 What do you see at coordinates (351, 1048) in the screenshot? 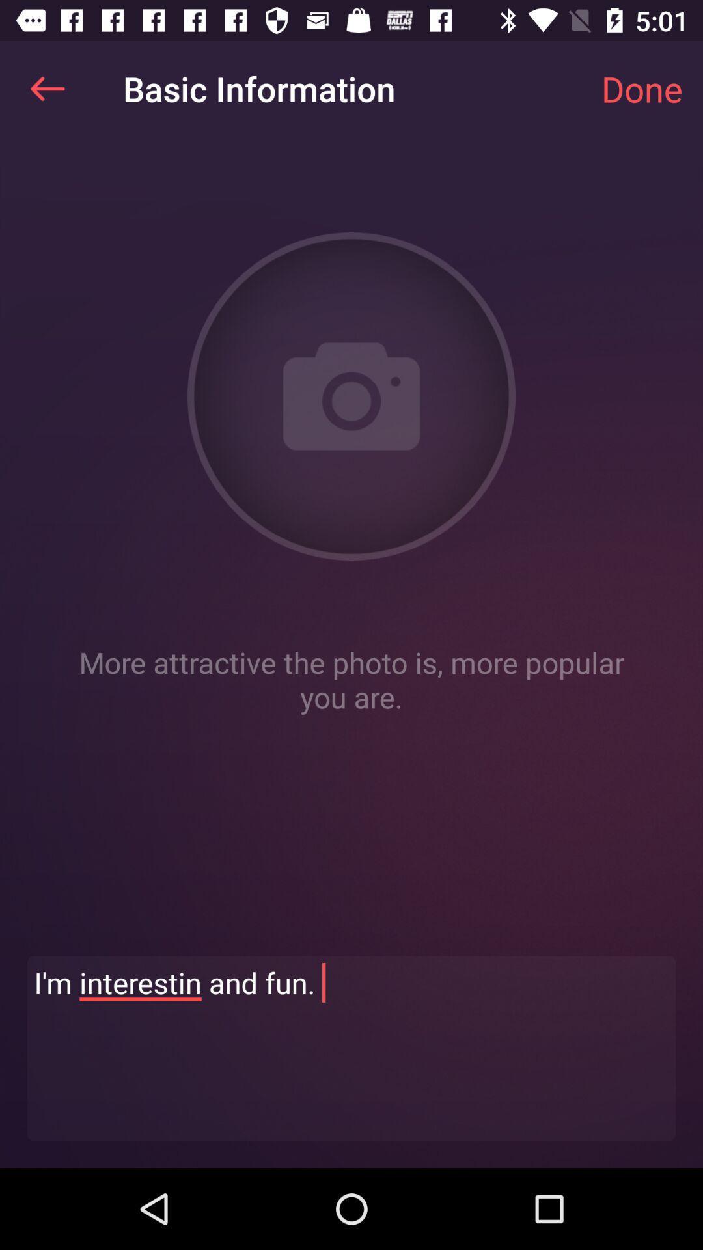
I see `the i m interestin` at bounding box center [351, 1048].